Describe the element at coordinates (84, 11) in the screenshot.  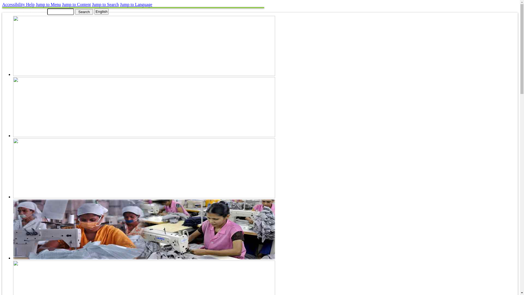
I see `'Search'` at that location.